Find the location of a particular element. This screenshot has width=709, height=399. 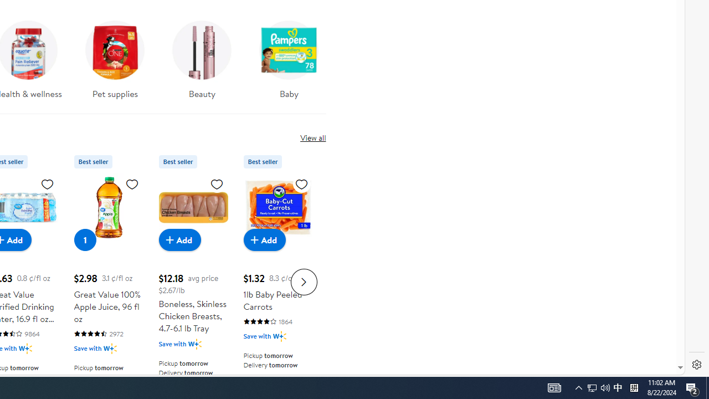

'Baby' is located at coordinates (289, 63).